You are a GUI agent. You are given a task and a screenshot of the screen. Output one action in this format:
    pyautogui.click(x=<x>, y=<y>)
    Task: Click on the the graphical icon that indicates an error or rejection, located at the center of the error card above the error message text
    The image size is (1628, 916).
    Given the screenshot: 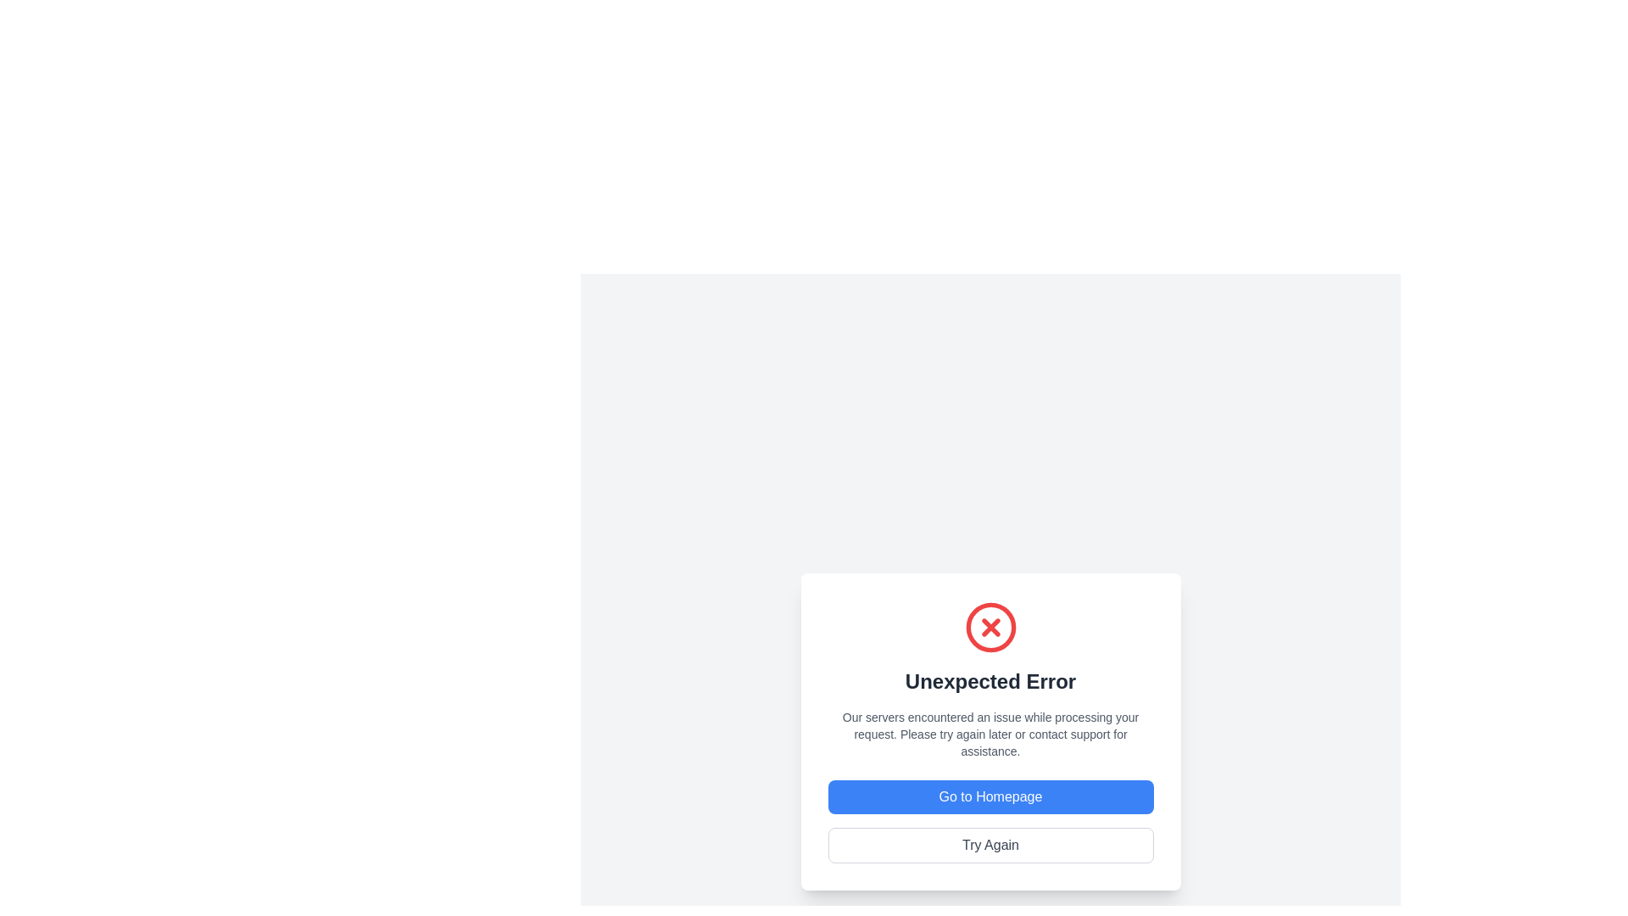 What is the action you would take?
    pyautogui.click(x=990, y=628)
    